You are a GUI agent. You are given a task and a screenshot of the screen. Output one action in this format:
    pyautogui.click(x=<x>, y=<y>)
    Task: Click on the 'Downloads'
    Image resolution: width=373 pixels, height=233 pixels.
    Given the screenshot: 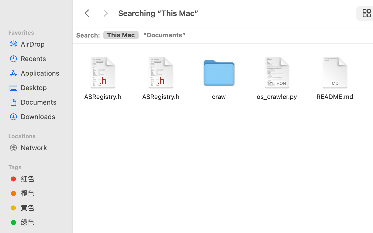 What is the action you would take?
    pyautogui.click(x=41, y=116)
    